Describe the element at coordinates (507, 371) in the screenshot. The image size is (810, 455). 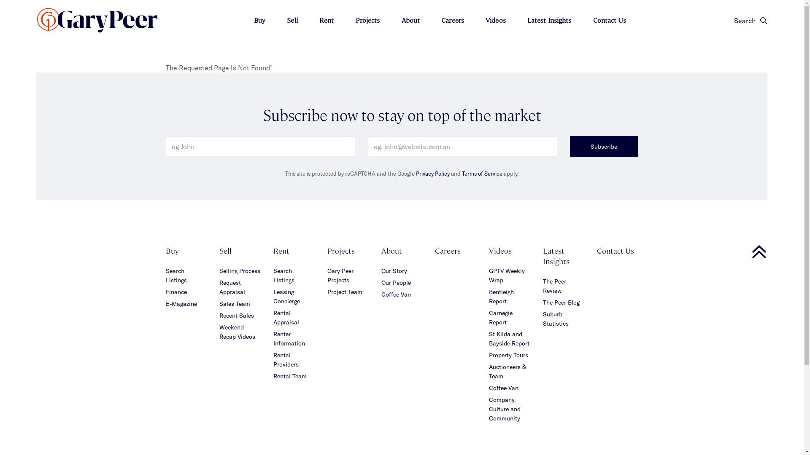
I see `'Auctioneers & Team'` at that location.